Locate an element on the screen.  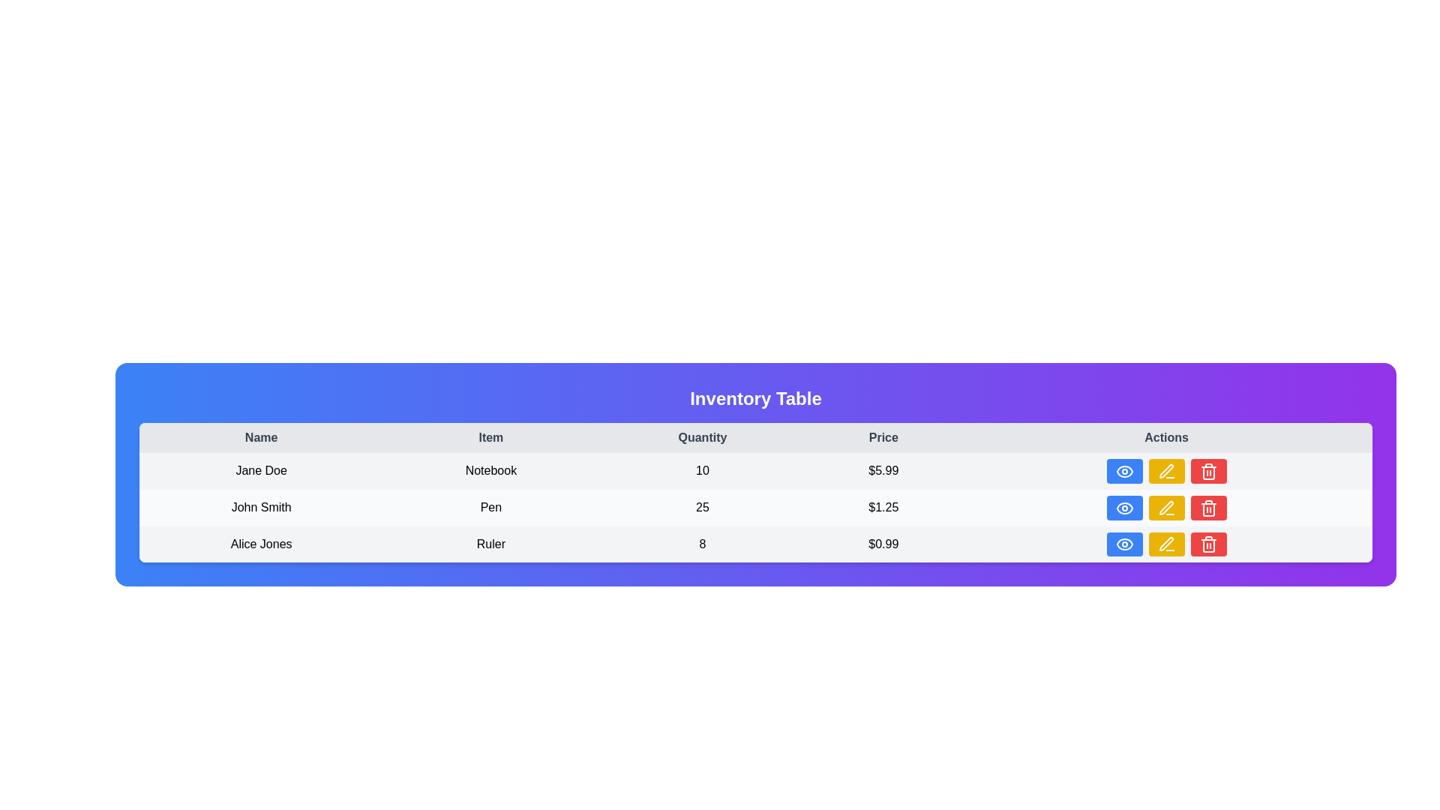
the delete button, which is the third action button in the last row of the table, to observe visual feedback is located at coordinates (1208, 507).